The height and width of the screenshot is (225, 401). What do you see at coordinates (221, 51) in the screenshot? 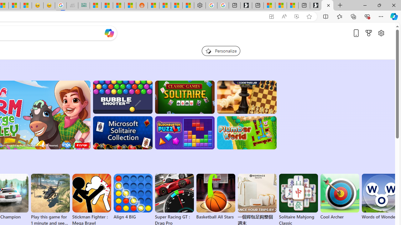
I see `'Personalize your feed"'` at bounding box center [221, 51].